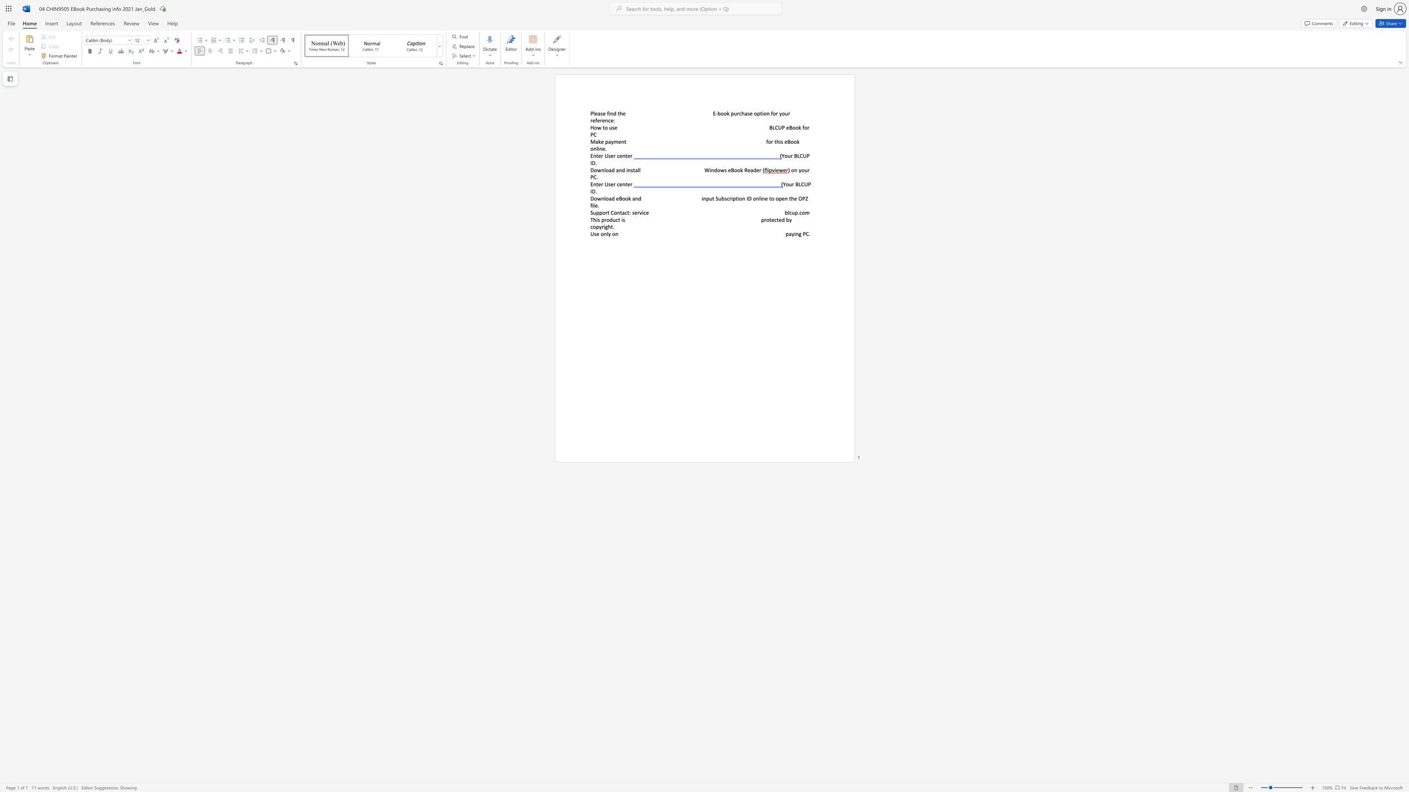 The image size is (1409, 792). I want to click on the 1th character "s" in the text, so click(595, 233).